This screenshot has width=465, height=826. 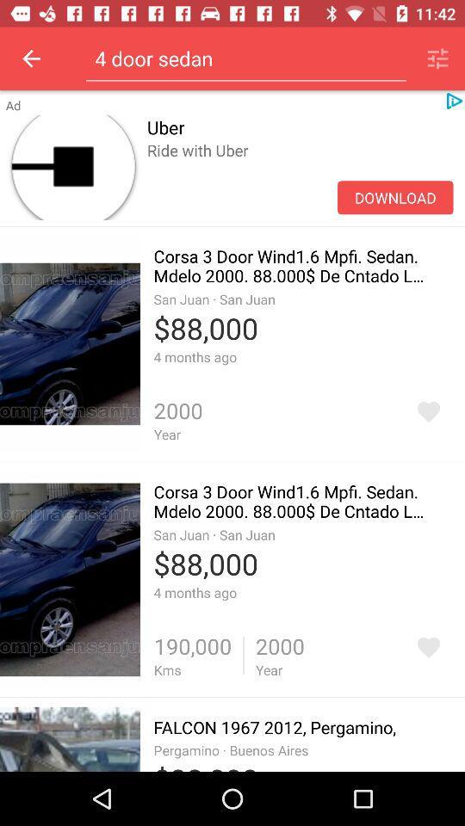 What do you see at coordinates (427, 646) in the screenshot?
I see `likes button` at bounding box center [427, 646].